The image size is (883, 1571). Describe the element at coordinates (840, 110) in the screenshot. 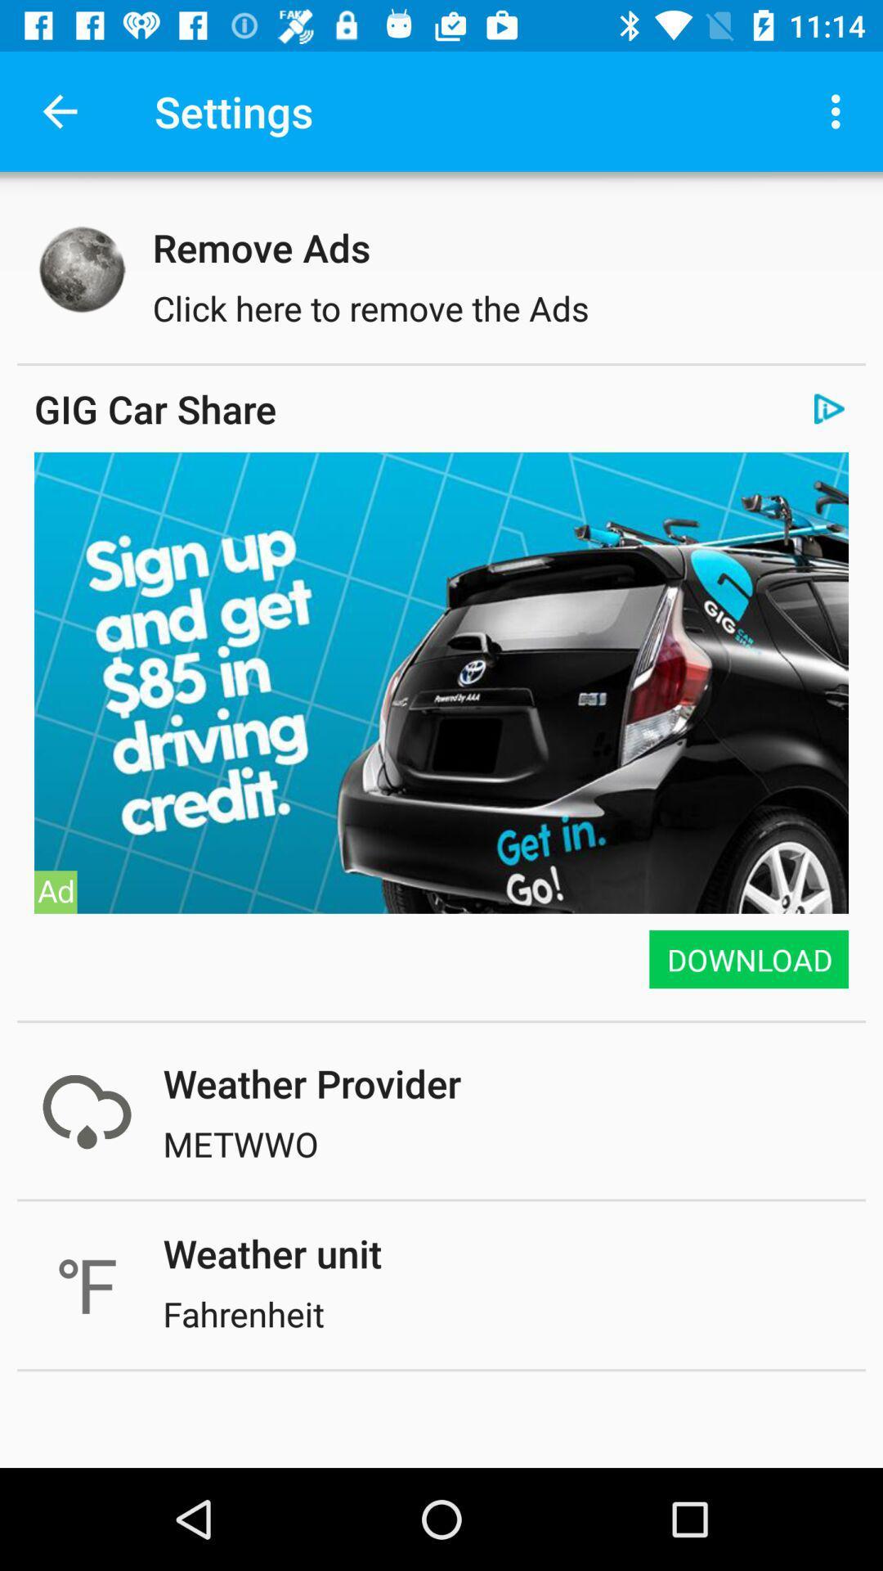

I see `the icon to the right of the settings icon` at that location.